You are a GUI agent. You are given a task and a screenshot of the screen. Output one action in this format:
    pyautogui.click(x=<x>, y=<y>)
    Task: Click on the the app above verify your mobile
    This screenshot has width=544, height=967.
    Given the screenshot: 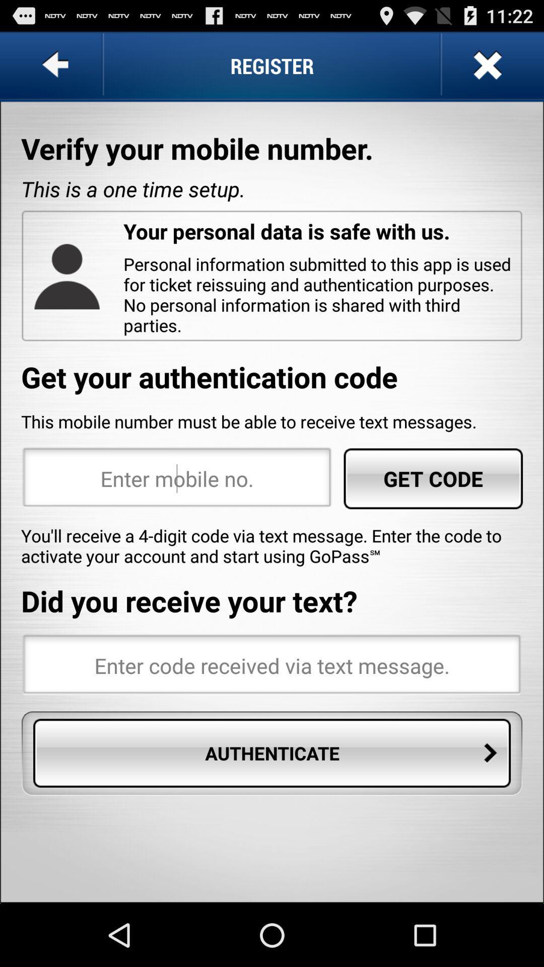 What is the action you would take?
    pyautogui.click(x=486, y=65)
    